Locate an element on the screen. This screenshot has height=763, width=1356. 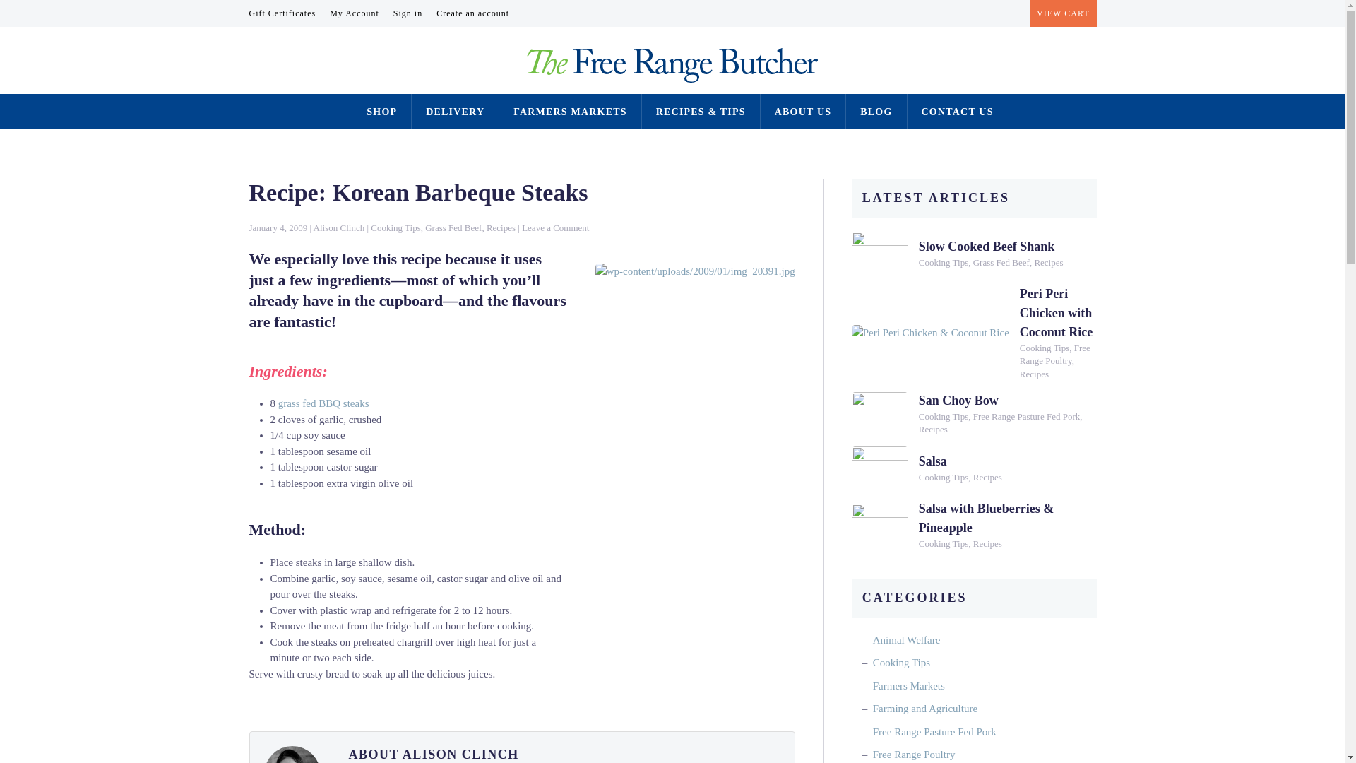
'Slow Cooked Beef Shank' is located at coordinates (986, 245).